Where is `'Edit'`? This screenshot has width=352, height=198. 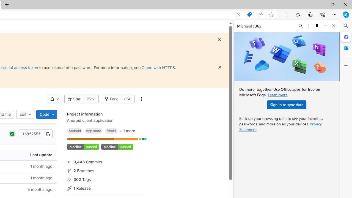 'Edit' is located at coordinates (25, 114).